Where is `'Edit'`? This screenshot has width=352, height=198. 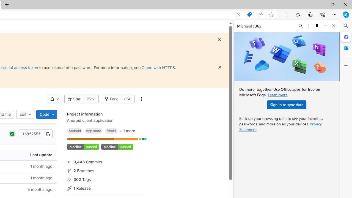 'Edit' is located at coordinates (25, 114).